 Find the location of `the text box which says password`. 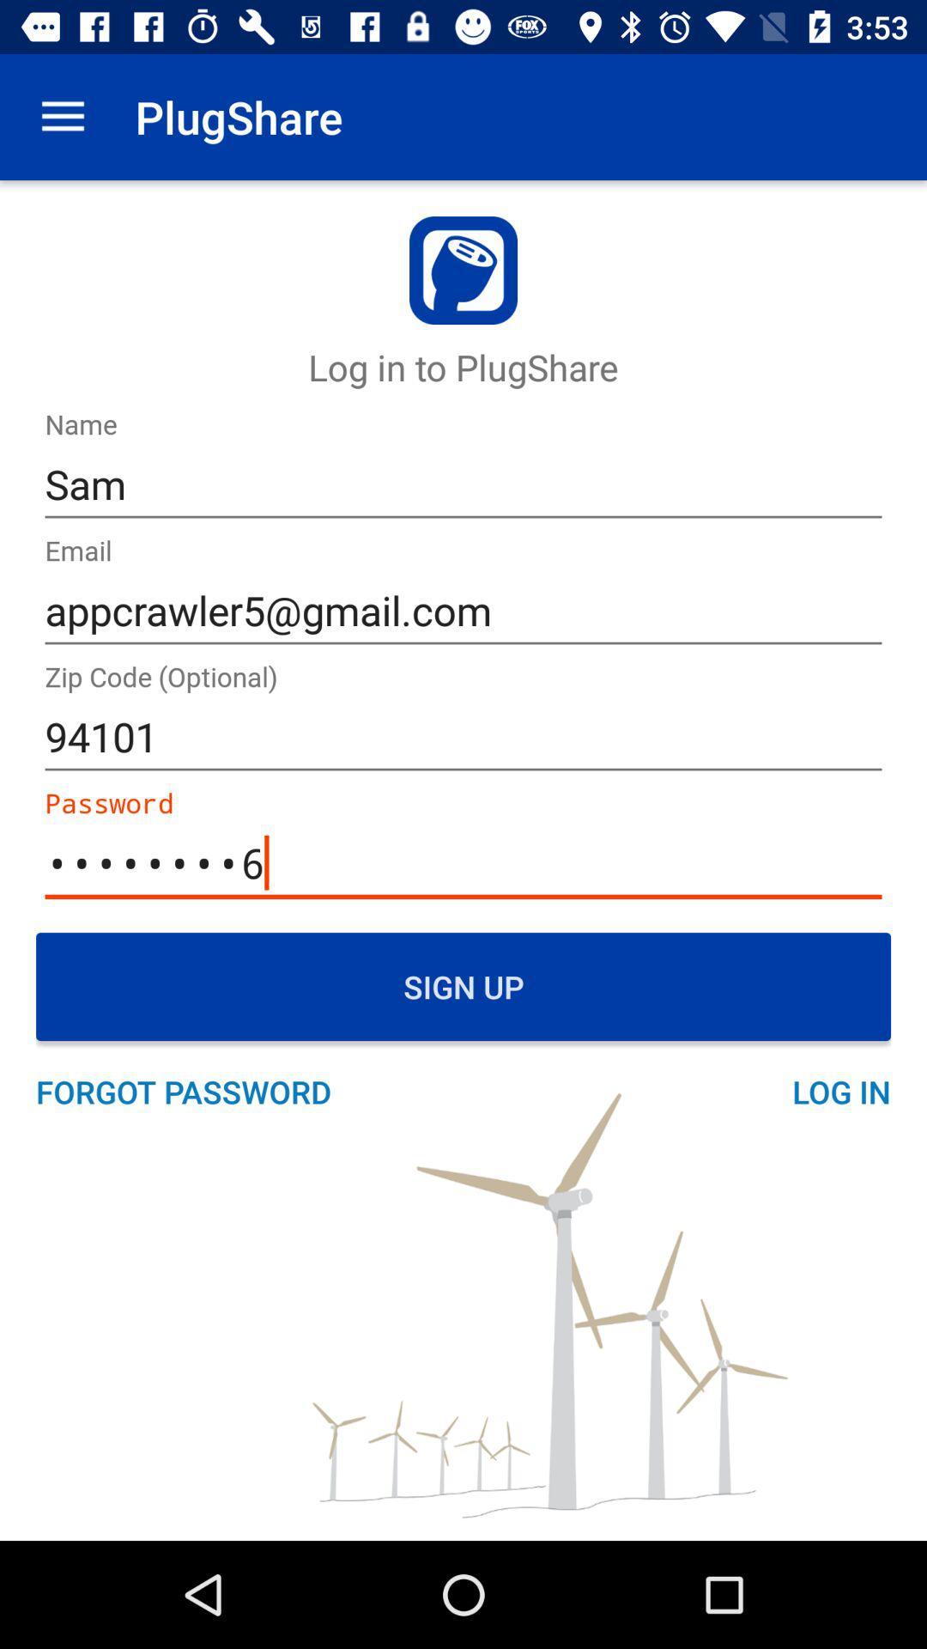

the text box which says password is located at coordinates (463, 864).